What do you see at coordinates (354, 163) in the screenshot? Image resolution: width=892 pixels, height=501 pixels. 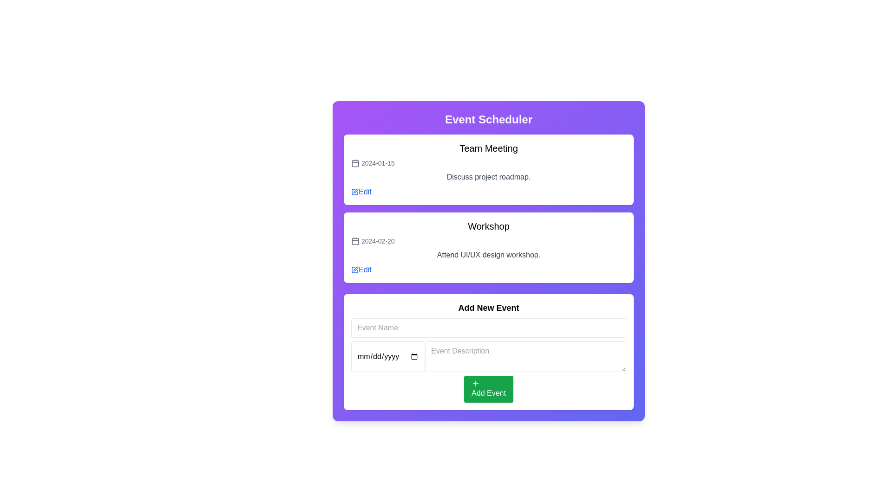 I see `the calendar icon located to the left of the date text '2024-01-15' in the first event entry titled 'Team Meeting' within the 'Event Scheduler' application` at bounding box center [354, 163].